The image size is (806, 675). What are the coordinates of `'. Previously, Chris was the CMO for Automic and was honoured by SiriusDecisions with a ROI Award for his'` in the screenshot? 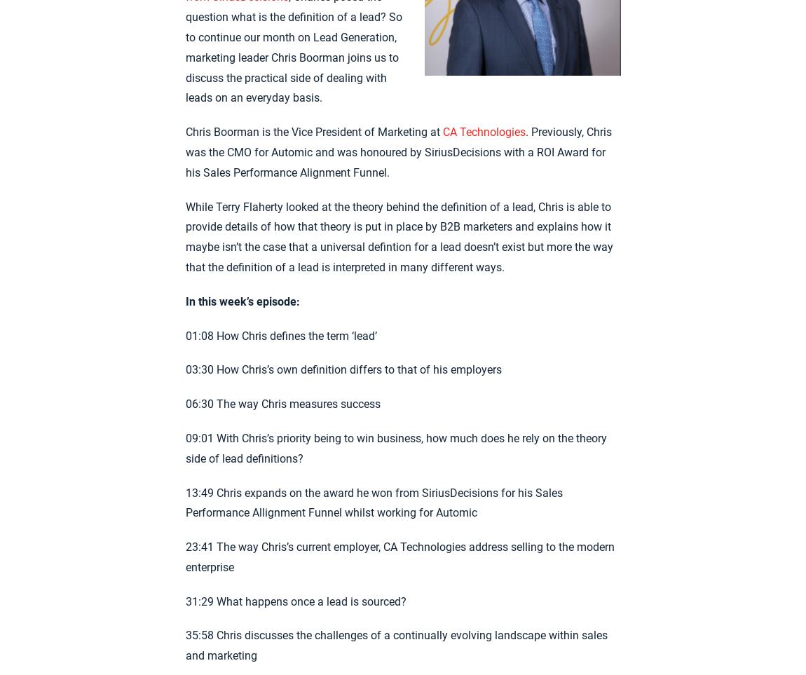 It's located at (184, 151).